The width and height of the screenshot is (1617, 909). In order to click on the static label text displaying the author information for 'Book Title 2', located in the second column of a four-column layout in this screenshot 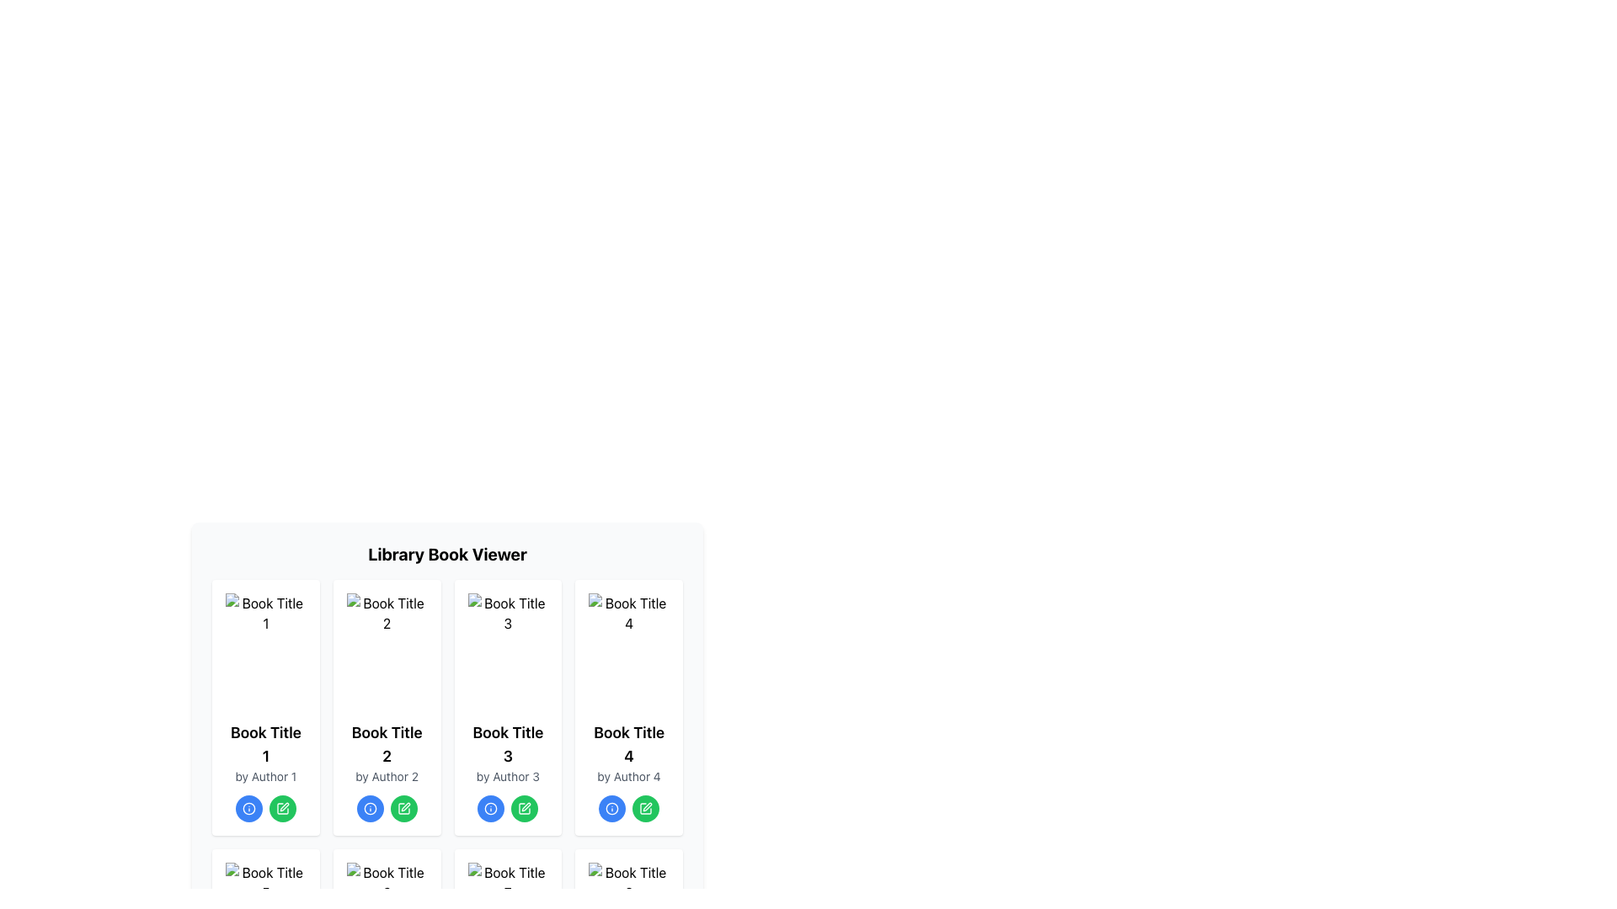, I will do `click(386, 776)`.